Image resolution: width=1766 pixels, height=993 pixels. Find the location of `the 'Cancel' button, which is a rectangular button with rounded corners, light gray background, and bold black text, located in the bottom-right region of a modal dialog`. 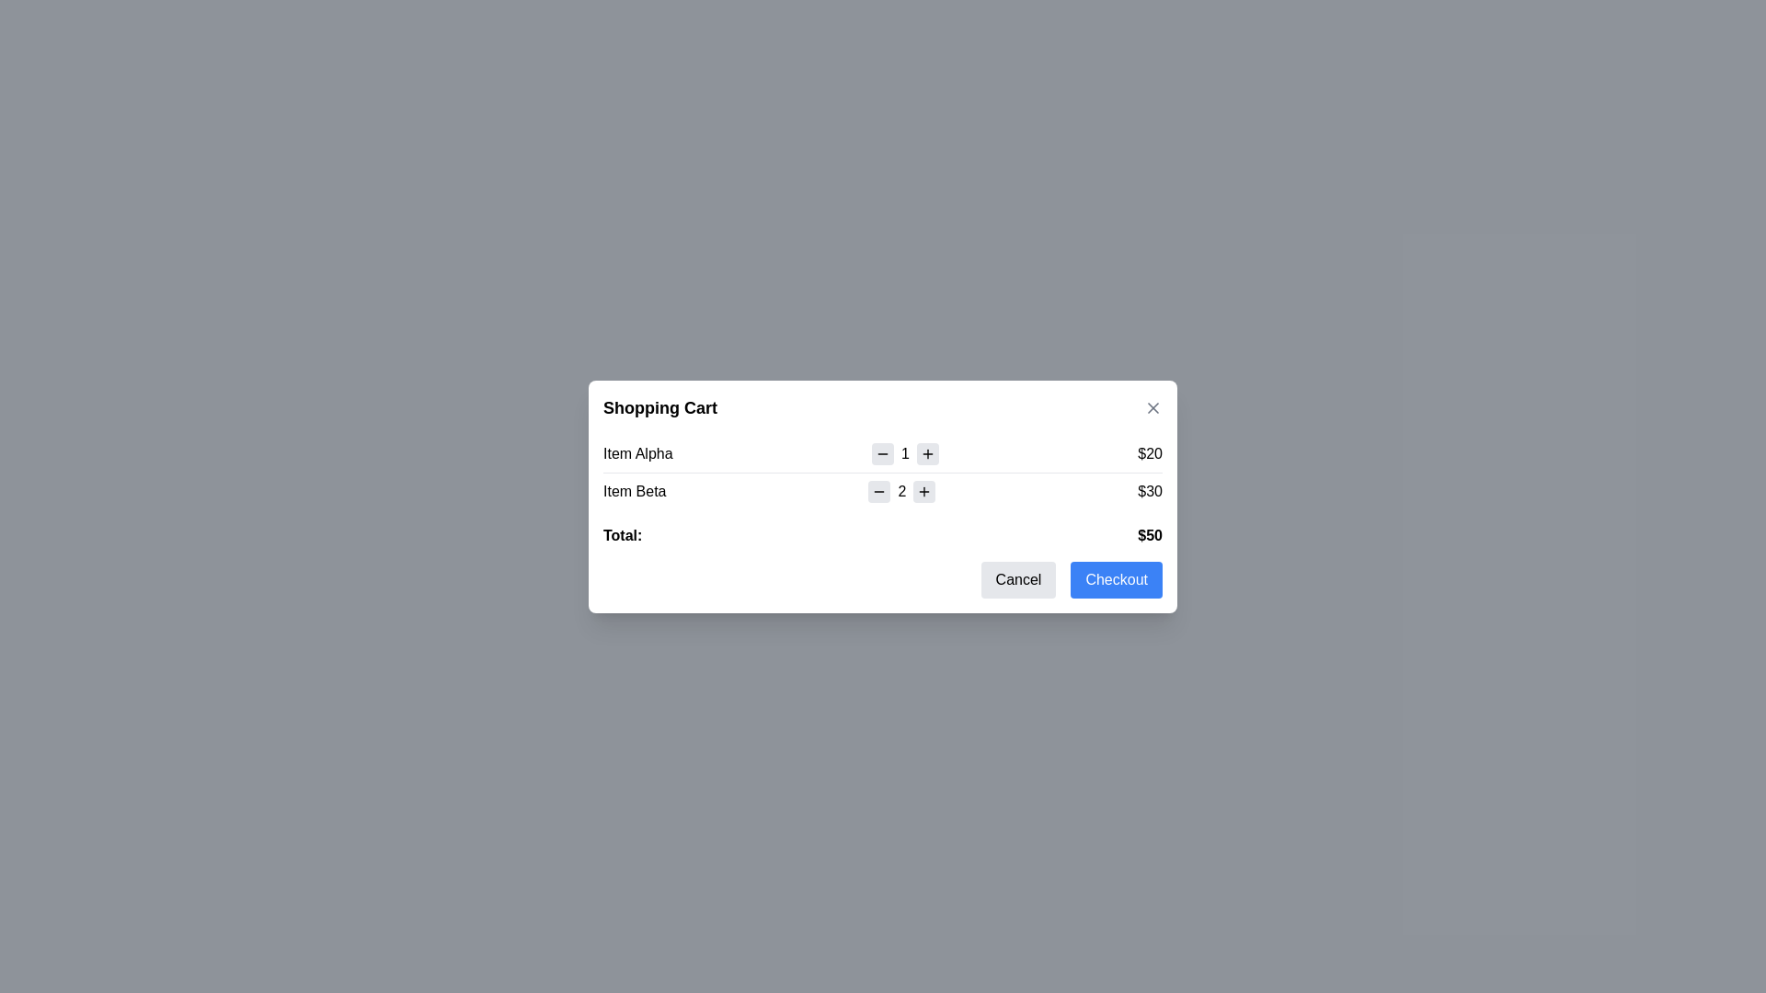

the 'Cancel' button, which is a rectangular button with rounded corners, light gray background, and bold black text, located in the bottom-right region of a modal dialog is located at coordinates (1017, 579).